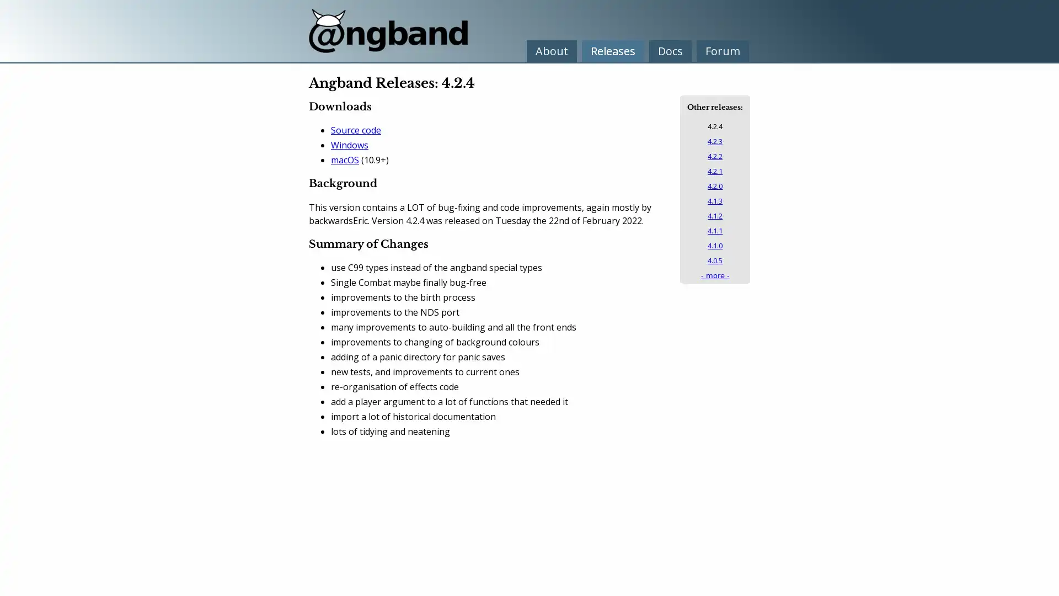 The image size is (1059, 596). I want to click on - more -, so click(715, 275).